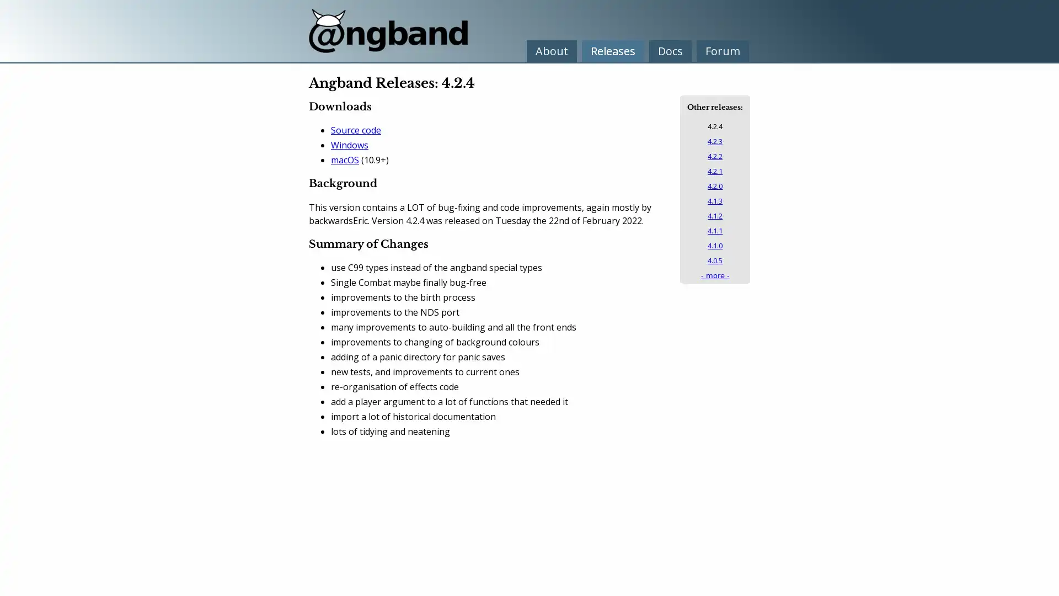 The image size is (1059, 596). I want to click on - more -, so click(715, 275).